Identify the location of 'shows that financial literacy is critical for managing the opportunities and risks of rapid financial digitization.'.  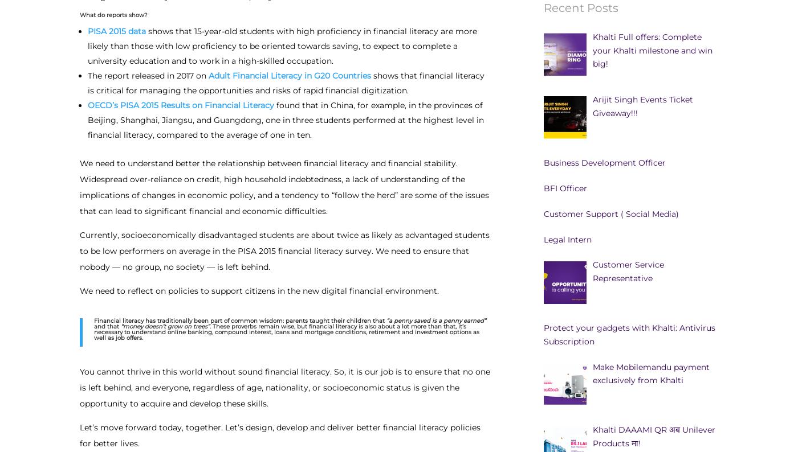
(88, 82).